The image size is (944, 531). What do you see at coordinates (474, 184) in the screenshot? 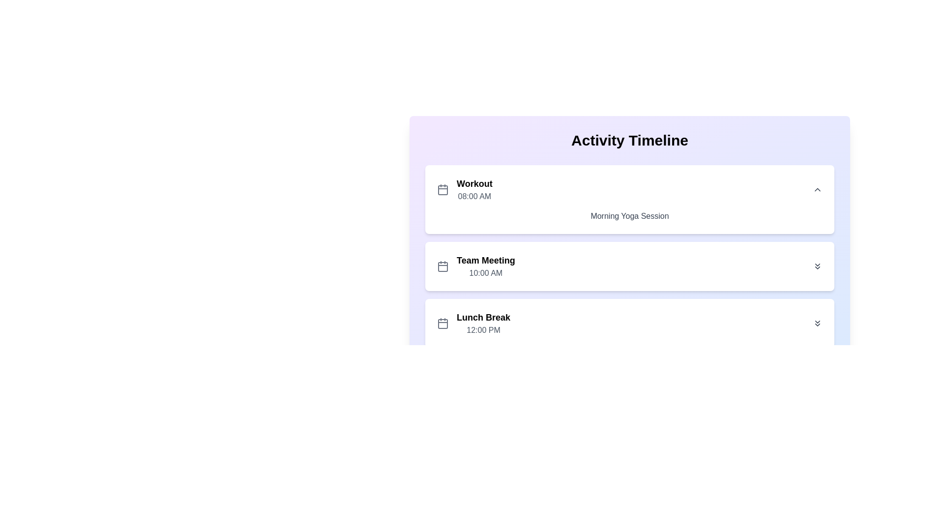
I see `the bolded text label saying 'Workout' located in the top-left corner of the first activity item labeled with '08:00 AM' in the 'Activity Timeline' section` at bounding box center [474, 184].